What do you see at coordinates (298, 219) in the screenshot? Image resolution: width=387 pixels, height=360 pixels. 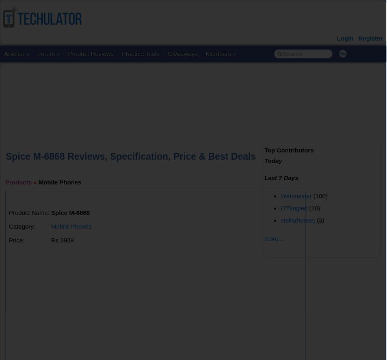 I see `'stellarhomes'` at bounding box center [298, 219].